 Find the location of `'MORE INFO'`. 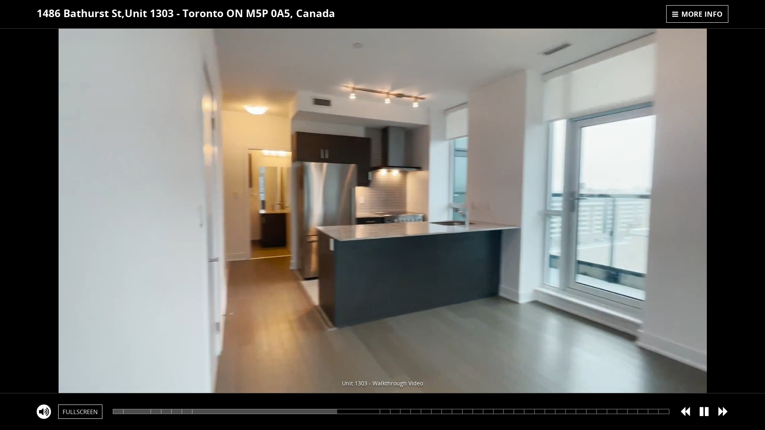

'MORE INFO' is located at coordinates (697, 14).